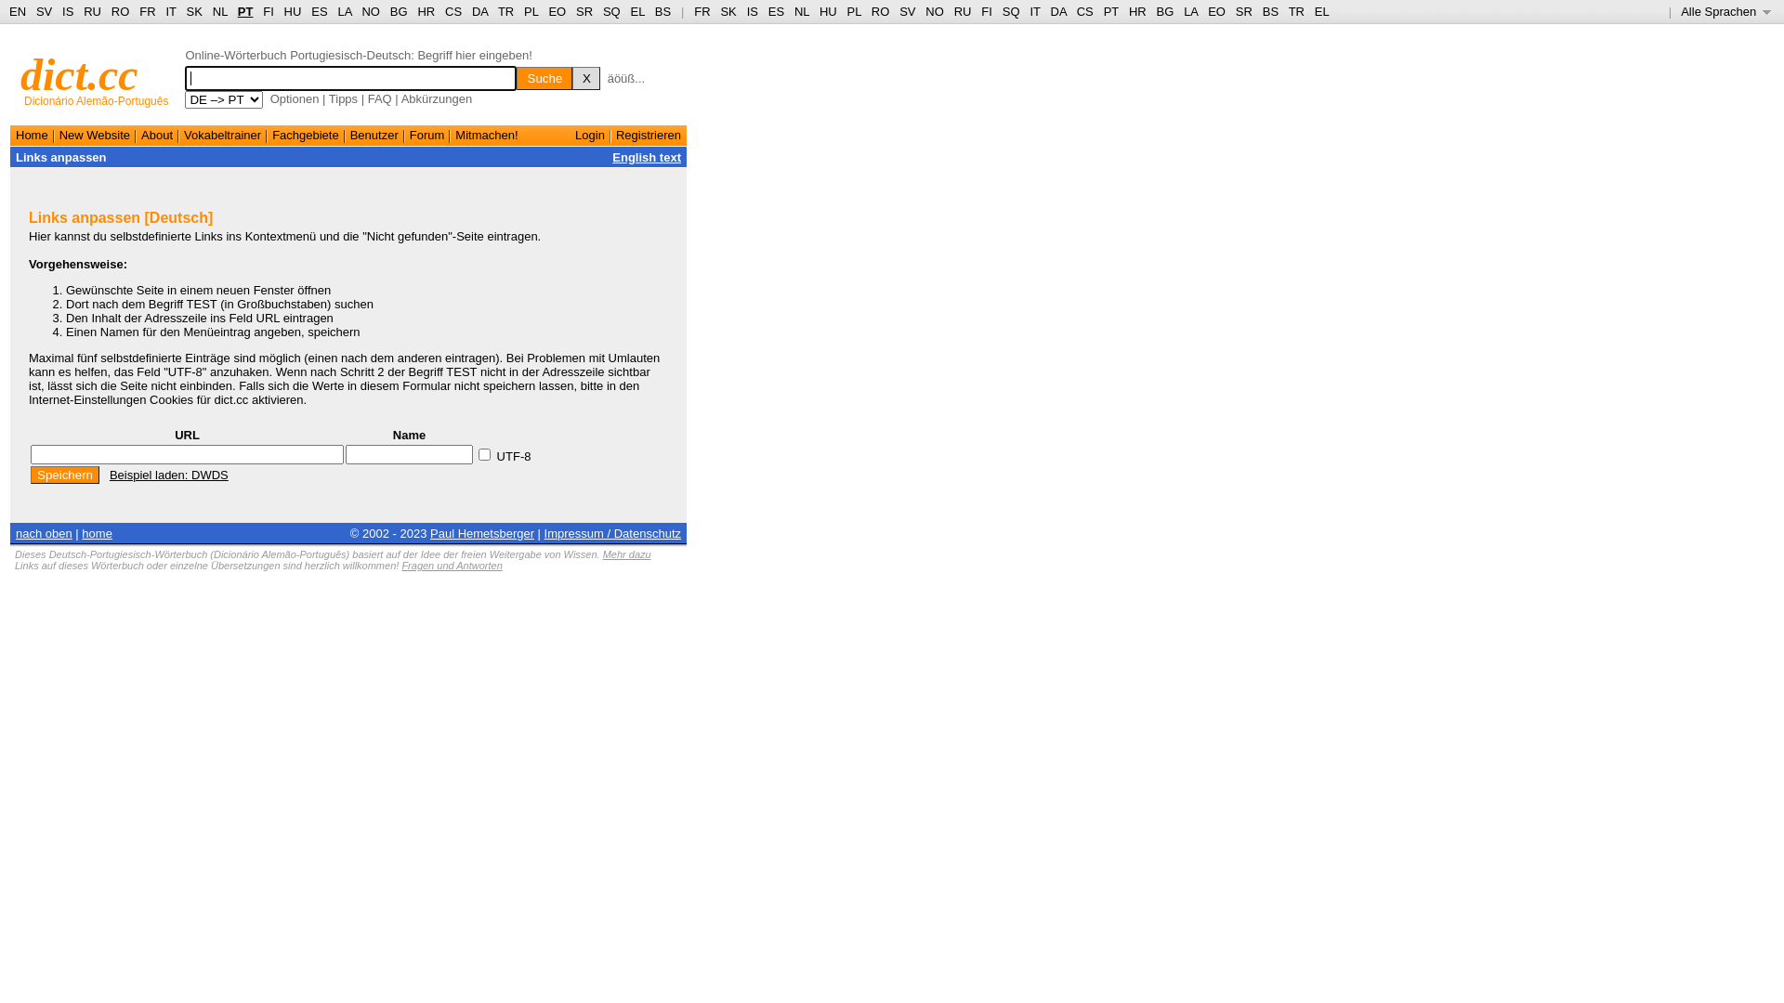  Describe the element at coordinates (612, 532) in the screenshot. I see `'Impressum / Datenschutz'` at that location.